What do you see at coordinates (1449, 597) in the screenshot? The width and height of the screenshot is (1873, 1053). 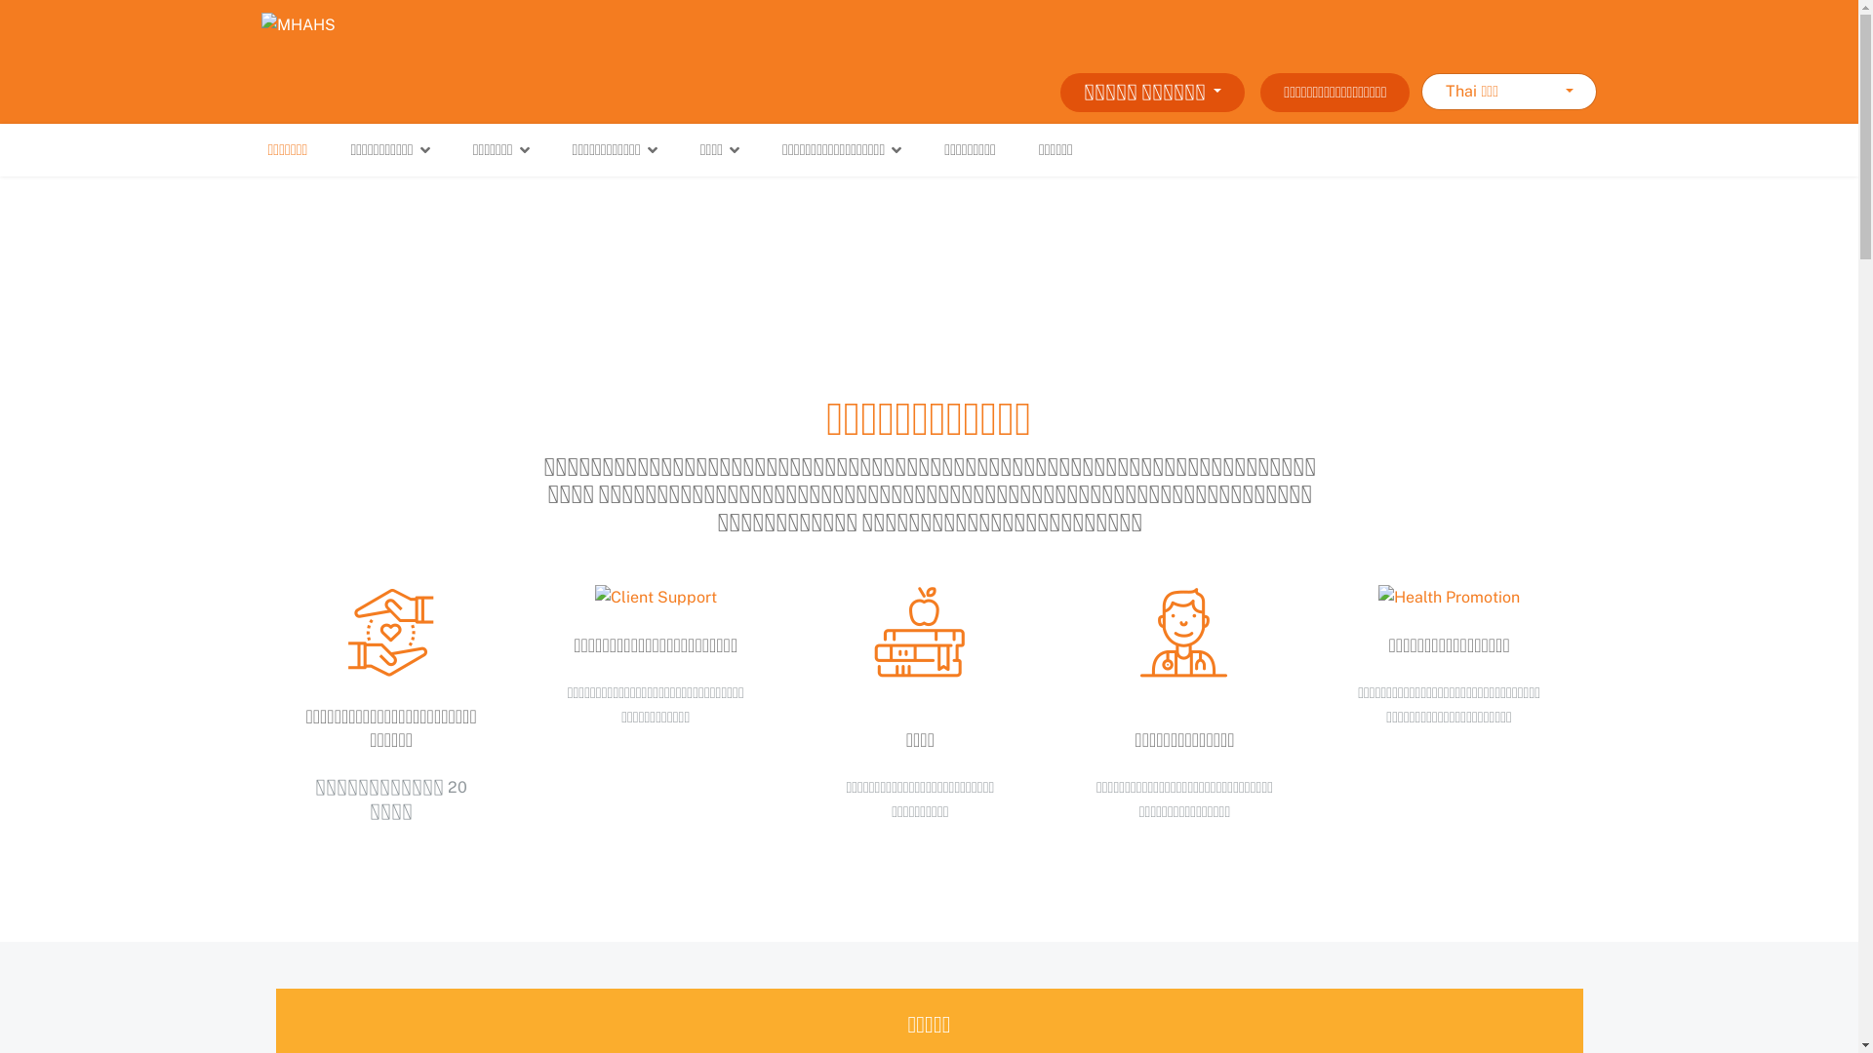 I see `'Health Promotion'` at bounding box center [1449, 597].